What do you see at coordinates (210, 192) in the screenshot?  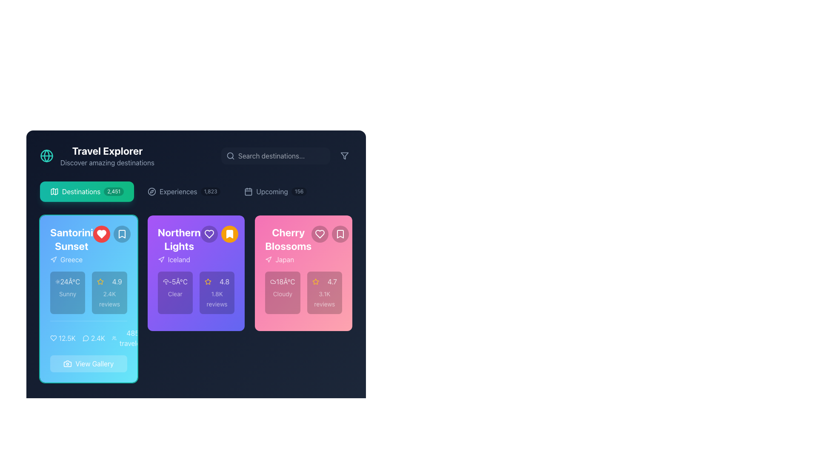 I see `the badge indicating the number of experiences in the 'Experiences' section of the navigation area` at bounding box center [210, 192].